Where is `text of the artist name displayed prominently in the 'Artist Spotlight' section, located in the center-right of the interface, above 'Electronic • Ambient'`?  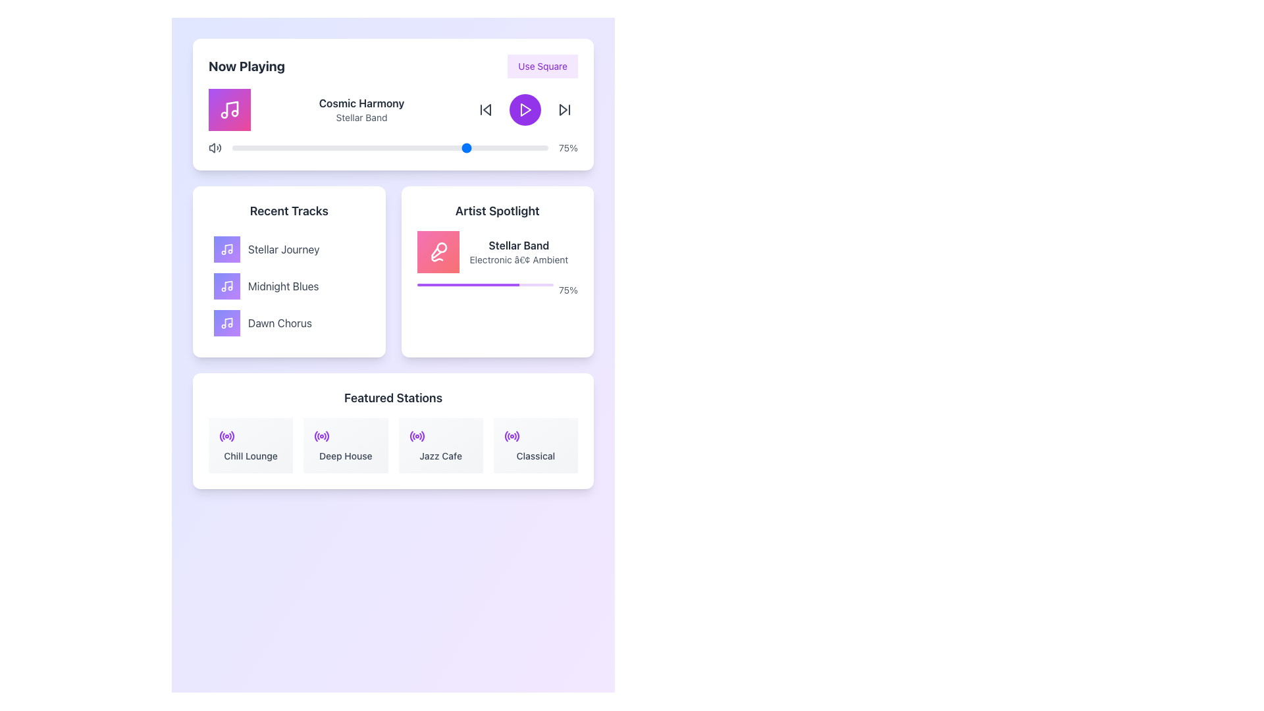
text of the artist name displayed prominently in the 'Artist Spotlight' section, located in the center-right of the interface, above 'Electronic • Ambient' is located at coordinates (518, 246).